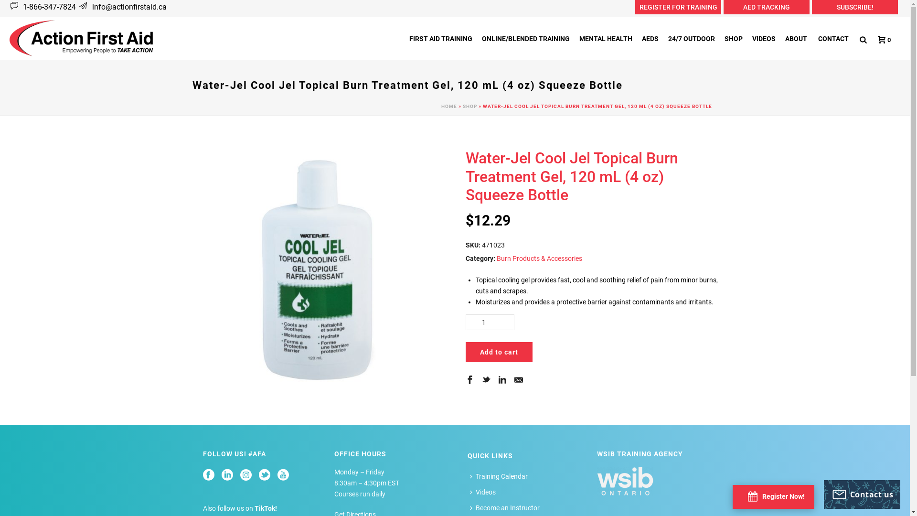 This screenshot has height=516, width=917. I want to click on 'HOME', so click(448, 106).